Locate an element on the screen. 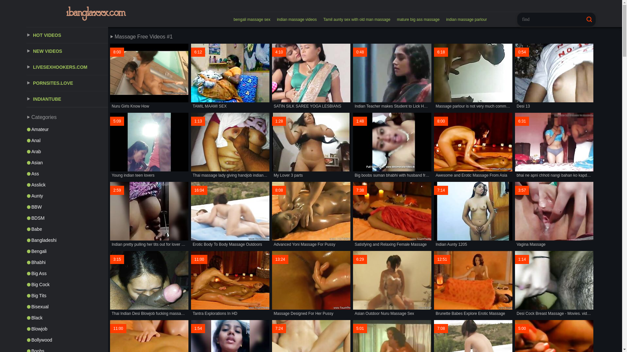 The width and height of the screenshot is (627, 352). 'HOT VIDEOS' is located at coordinates (26, 35).